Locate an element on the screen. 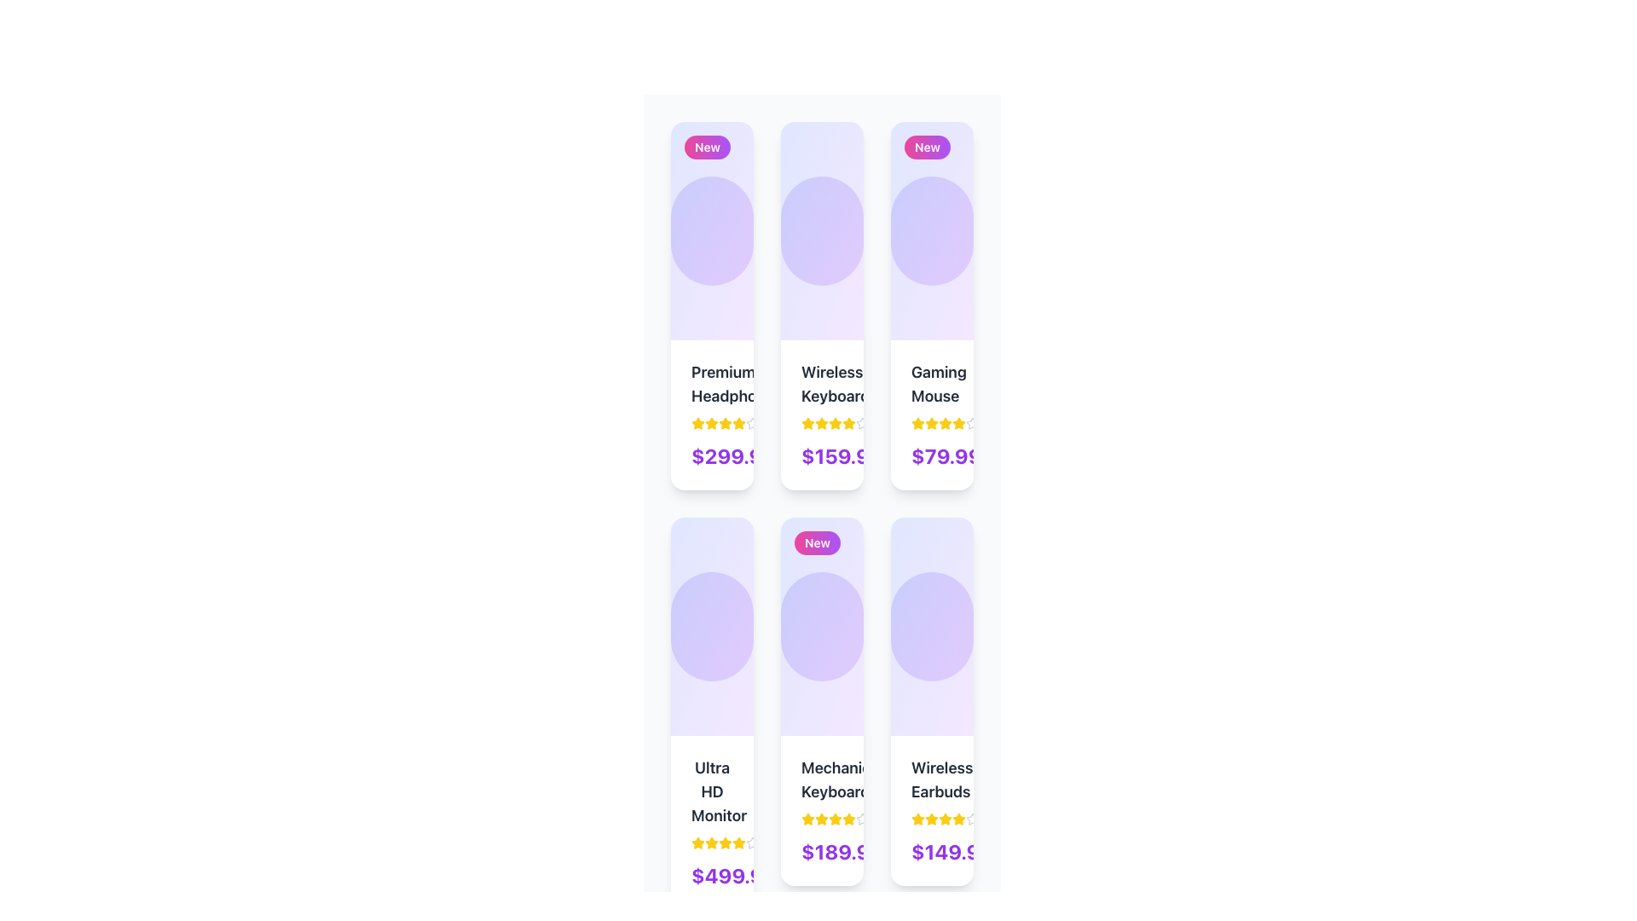 This screenshot has height=921, width=1637. the round badge labeled 'New' with a gradient background transitioning from pink to purple, located in the upper-left part of the 'Mechanical Keyboard' section card layout is located at coordinates (822, 627).